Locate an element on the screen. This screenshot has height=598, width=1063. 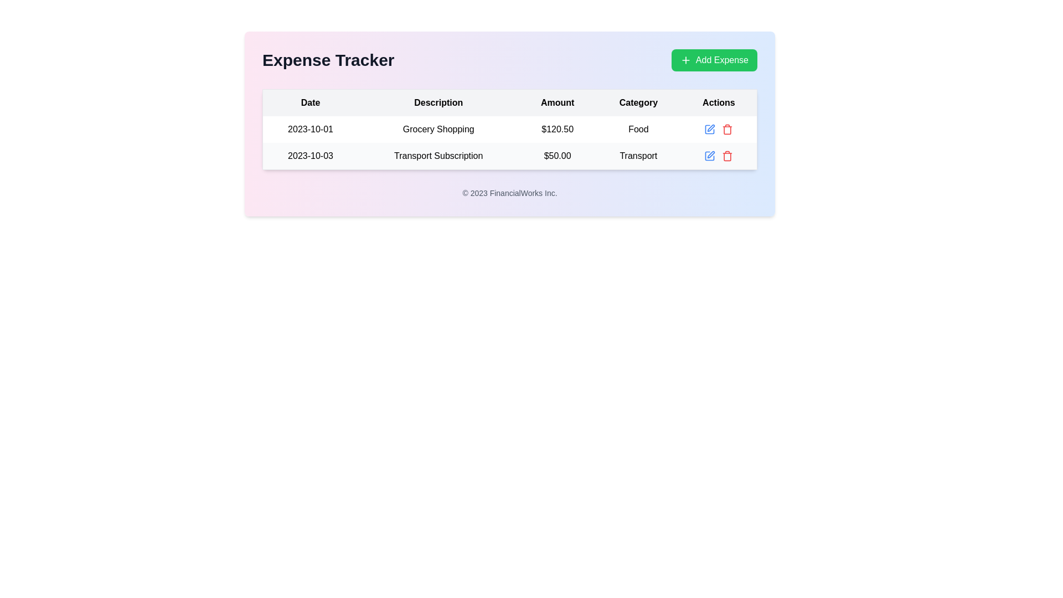
the first transaction entry row in the financial tracking table, which includes details like date, description, amount, and category is located at coordinates (509, 142).